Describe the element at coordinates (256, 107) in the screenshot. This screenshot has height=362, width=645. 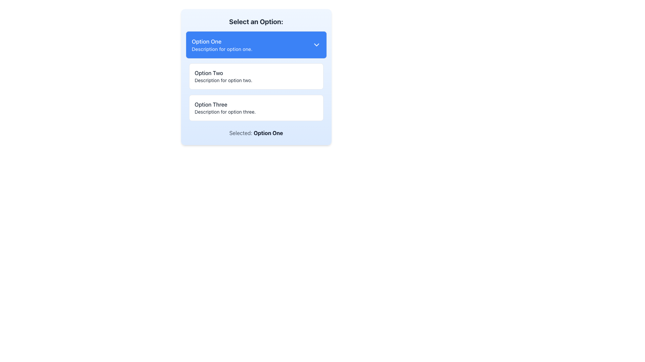
I see `the interactive button representing Option Three` at that location.